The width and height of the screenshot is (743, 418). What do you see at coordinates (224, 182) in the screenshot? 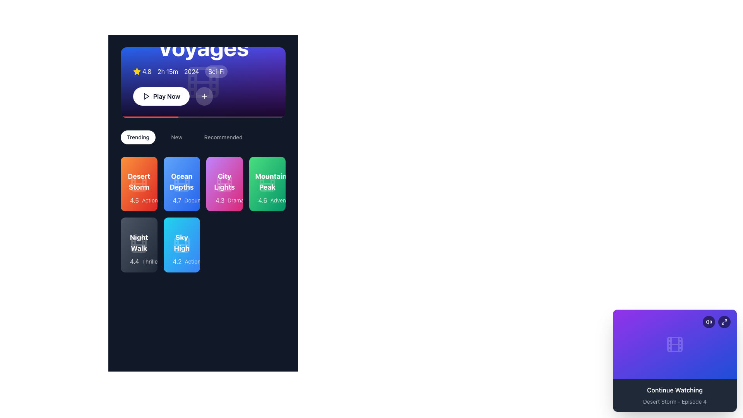
I see `the bold, white text label 'City Lights' positioned at the top-middle section of the trending movie posters grid, distinctively set against a vibrant pink background` at bounding box center [224, 182].